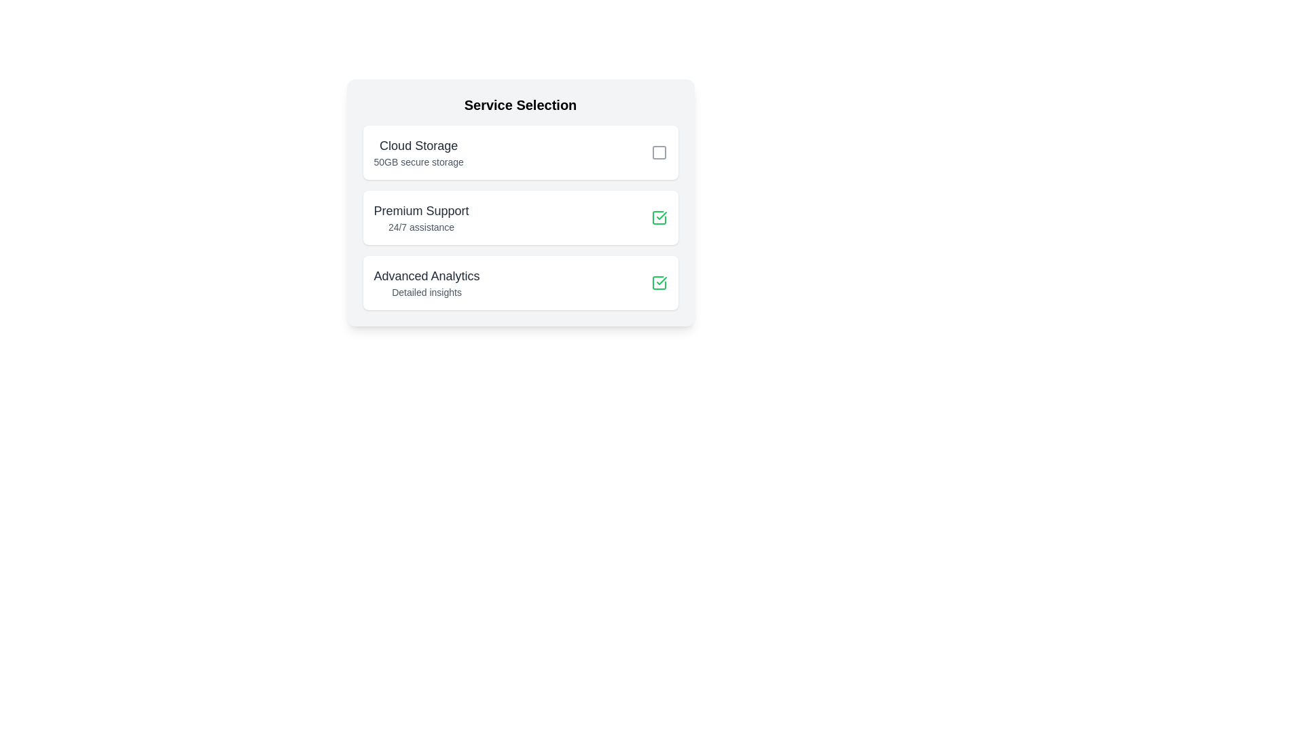 The height and width of the screenshot is (733, 1304). What do you see at coordinates (426, 276) in the screenshot?
I see `the 'Advanced Analytics' text label, which is prominently displayed in a large, bold dark gray font in the bottom section of the 'Service Selection' panel` at bounding box center [426, 276].